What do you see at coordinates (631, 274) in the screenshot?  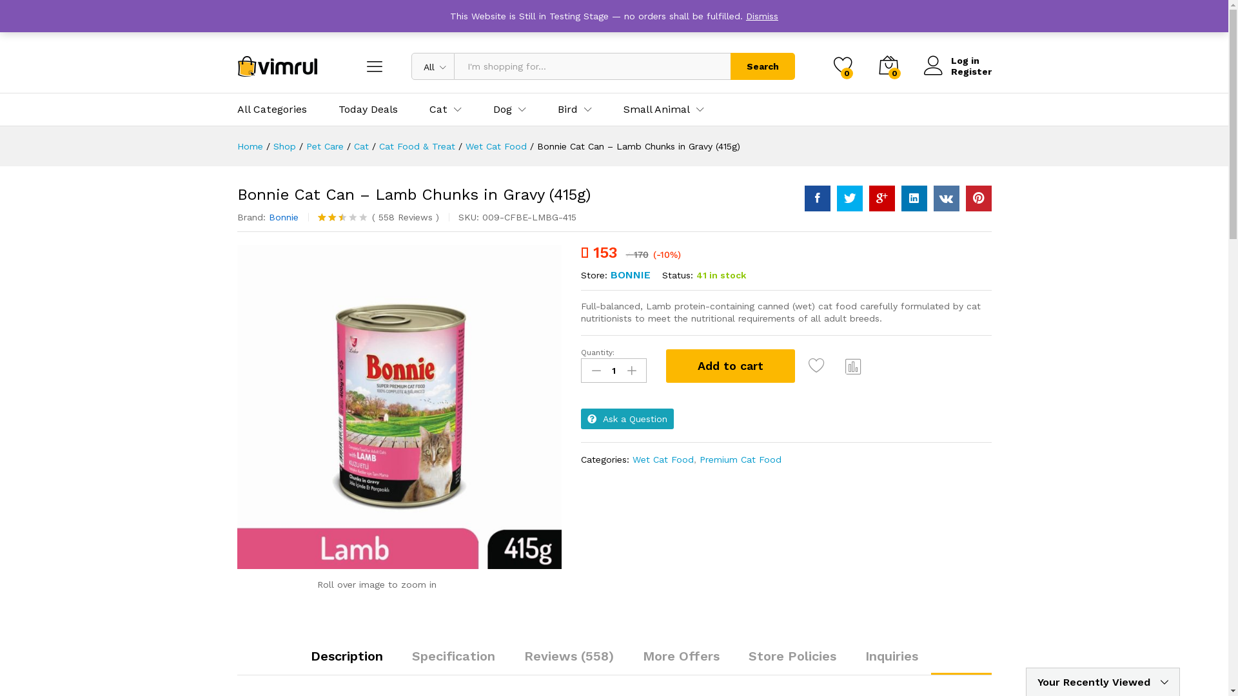 I see `'BONNIE'` at bounding box center [631, 274].